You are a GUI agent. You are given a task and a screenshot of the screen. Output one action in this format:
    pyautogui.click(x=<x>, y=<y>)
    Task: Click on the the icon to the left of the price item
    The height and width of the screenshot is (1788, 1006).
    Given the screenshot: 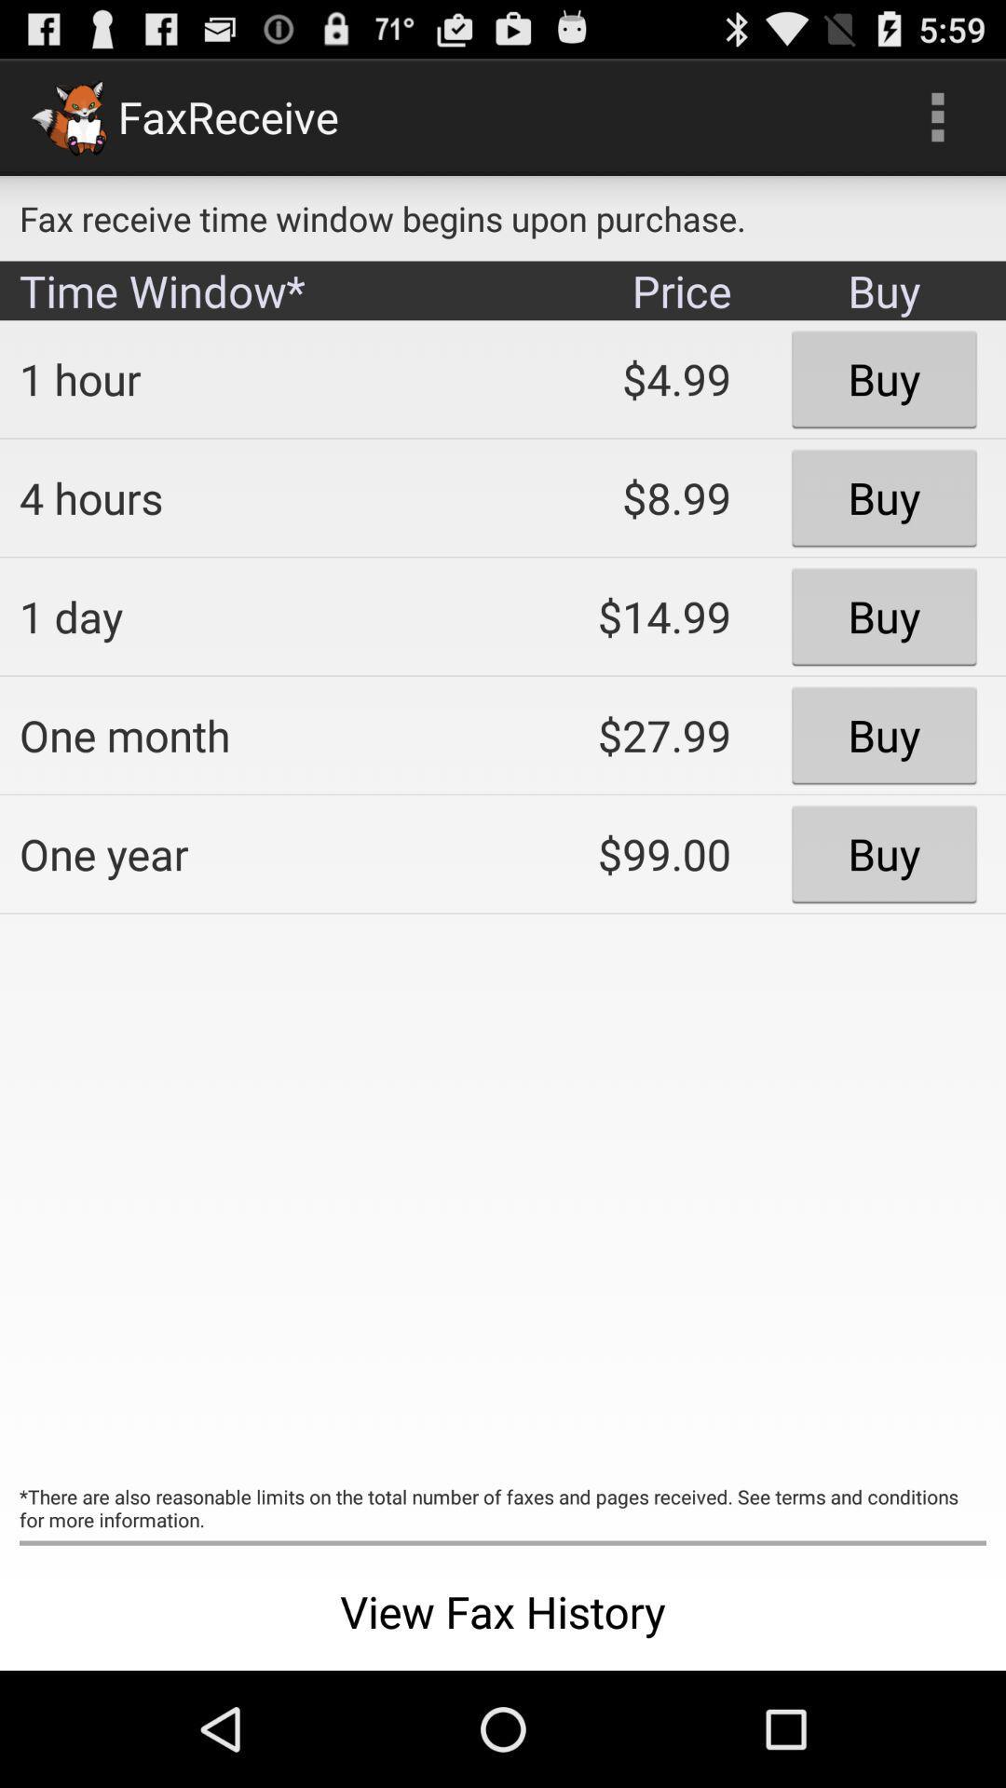 What is the action you would take?
    pyautogui.click(x=247, y=378)
    